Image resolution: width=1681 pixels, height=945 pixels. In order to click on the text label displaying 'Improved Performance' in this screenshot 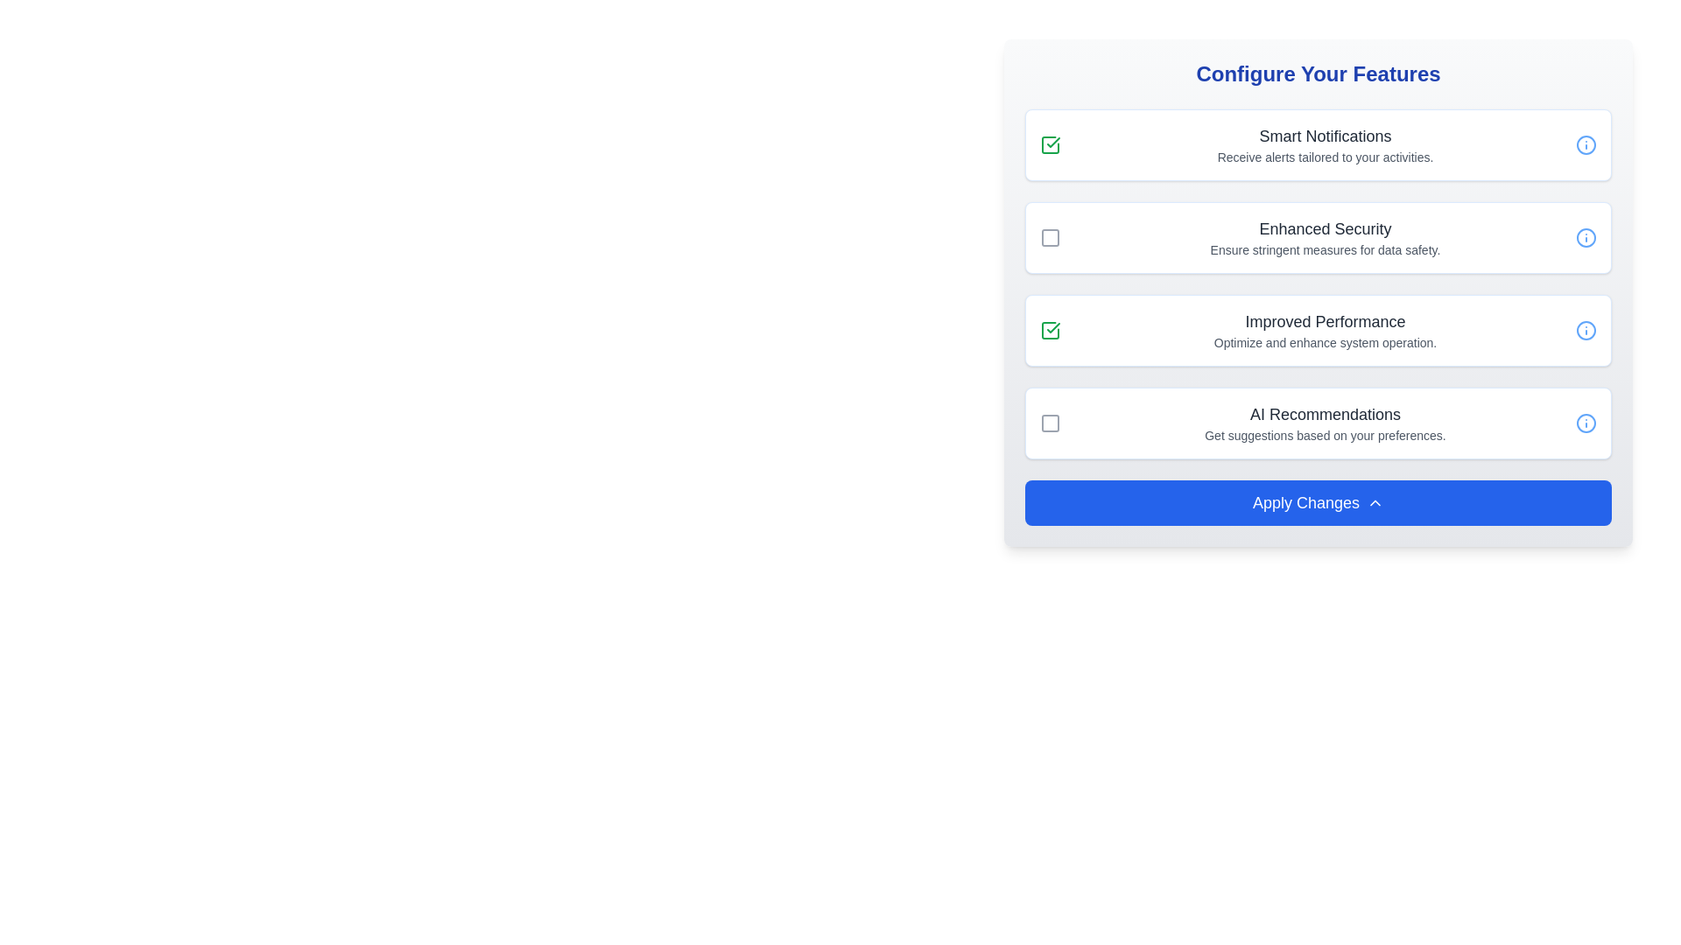, I will do `click(1325, 321)`.